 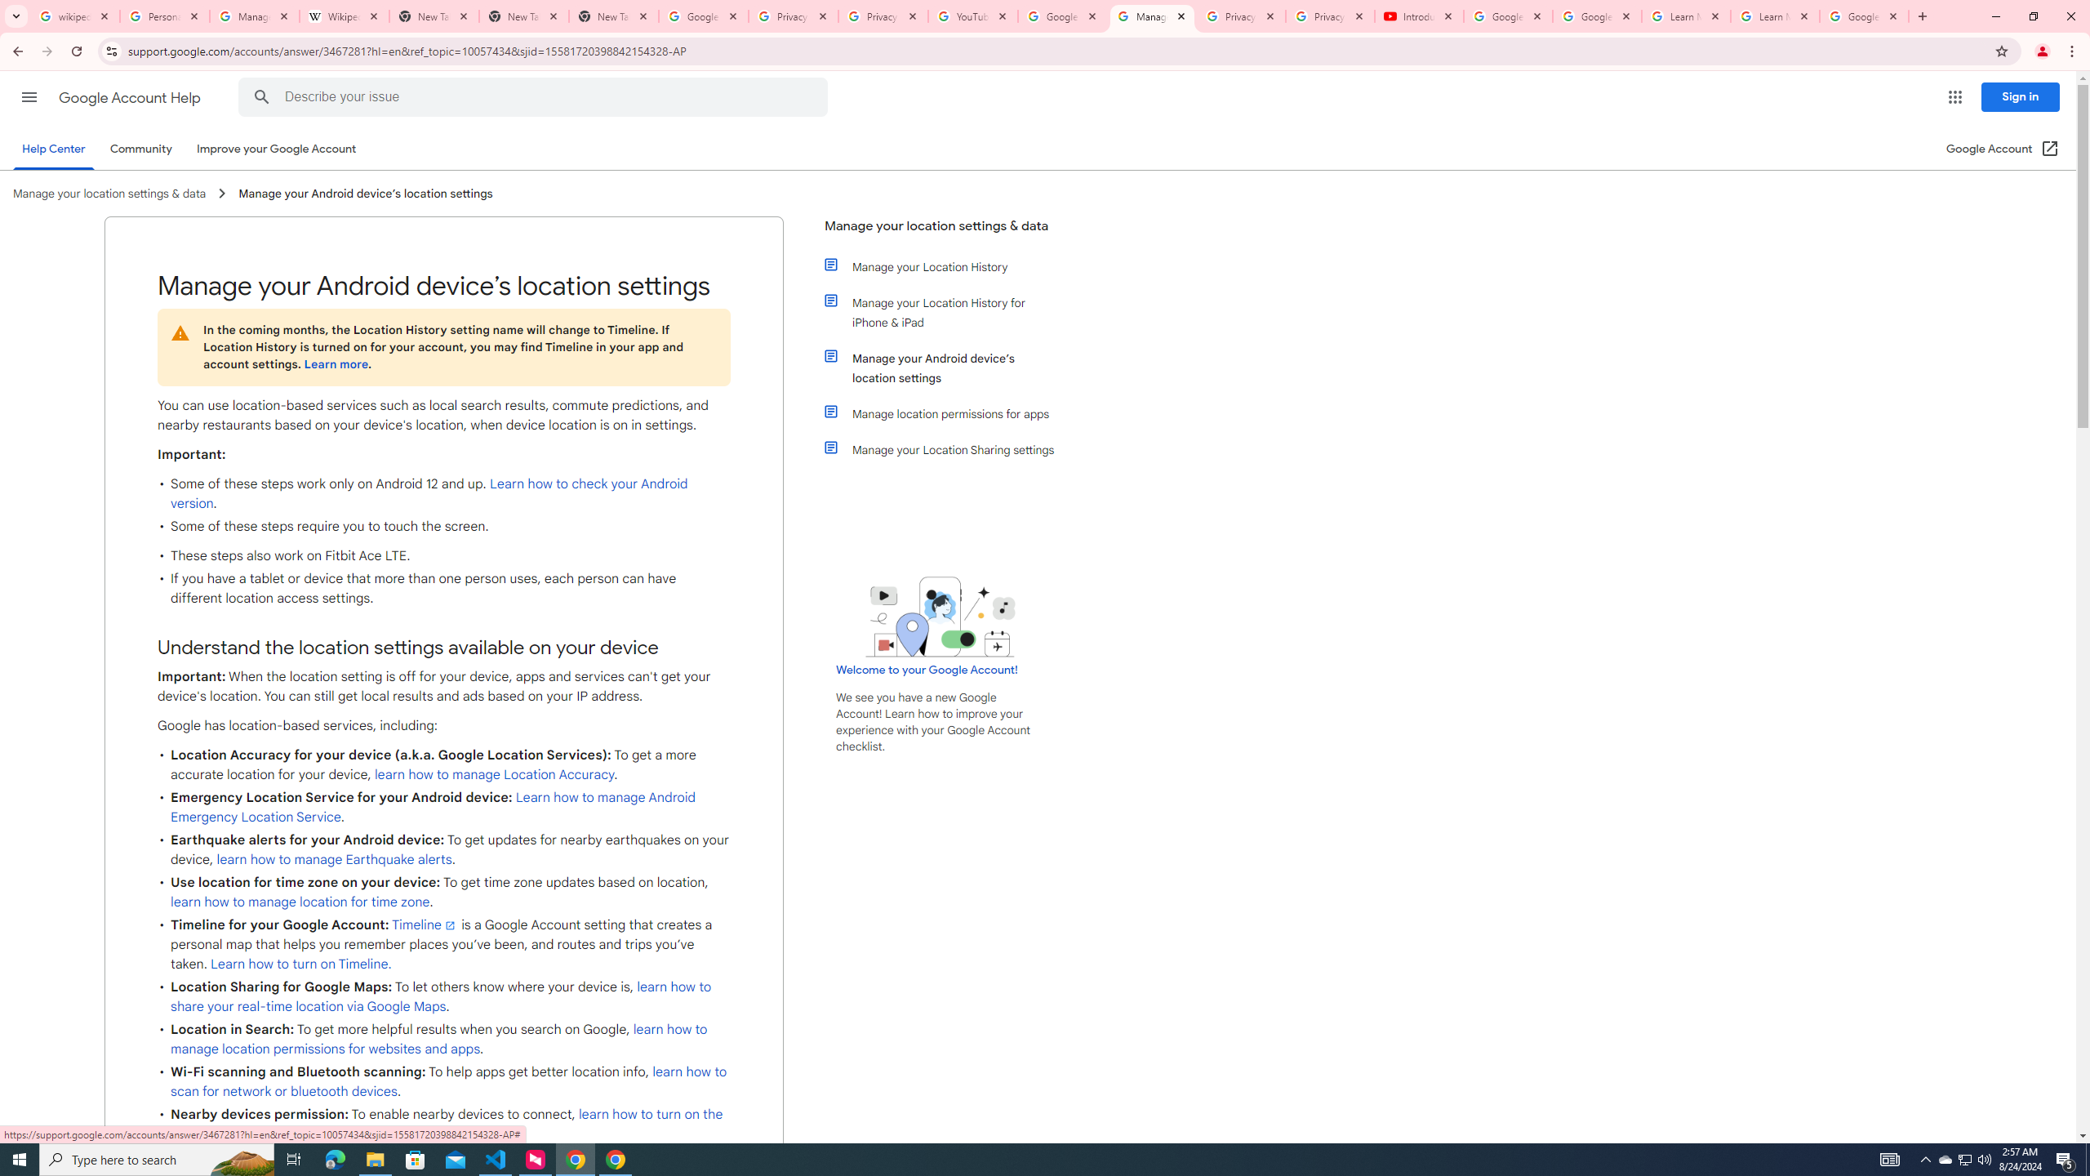 I want to click on 'YouTube', so click(x=972, y=16).